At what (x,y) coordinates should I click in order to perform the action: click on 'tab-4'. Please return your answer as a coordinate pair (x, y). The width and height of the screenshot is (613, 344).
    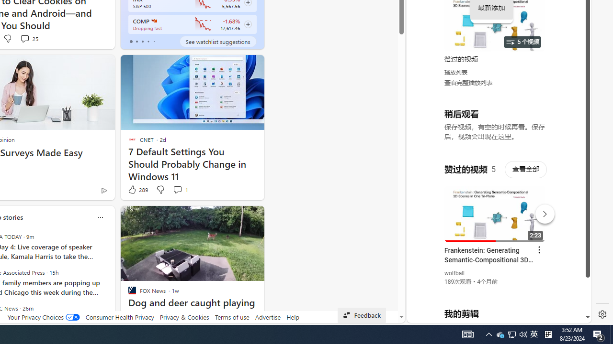
    Looking at the image, I should click on (154, 41).